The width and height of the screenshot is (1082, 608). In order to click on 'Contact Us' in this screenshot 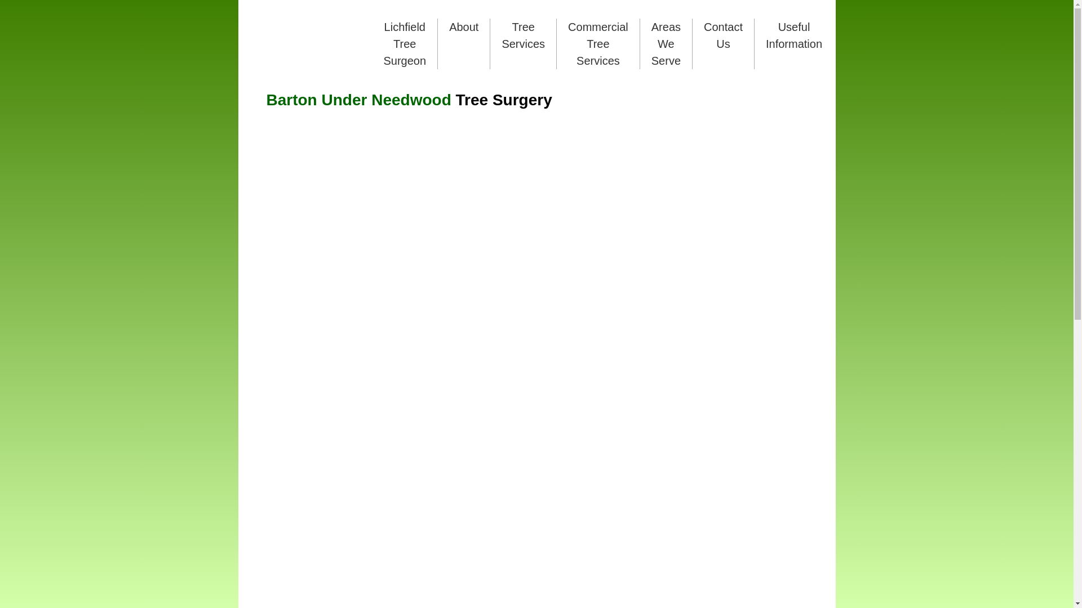, I will do `click(723, 34)`.